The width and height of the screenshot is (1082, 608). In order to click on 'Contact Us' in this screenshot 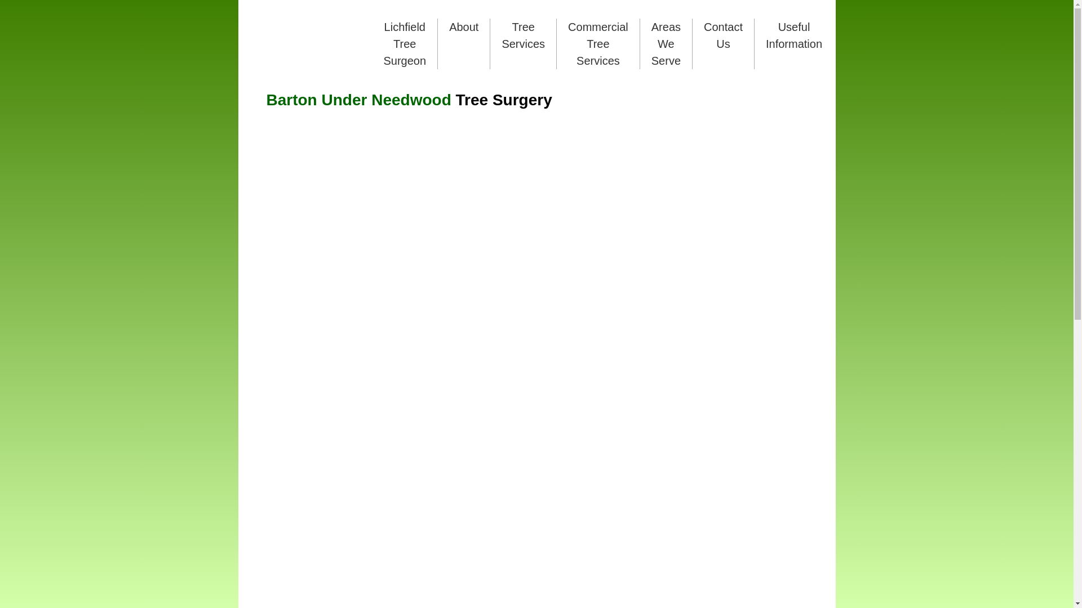, I will do `click(723, 34)`.